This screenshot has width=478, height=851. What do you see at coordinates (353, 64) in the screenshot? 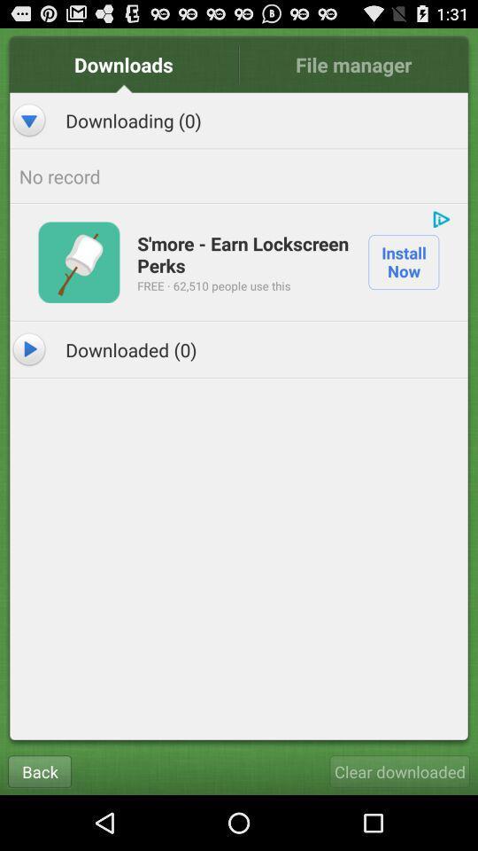
I see `file manager item` at bounding box center [353, 64].